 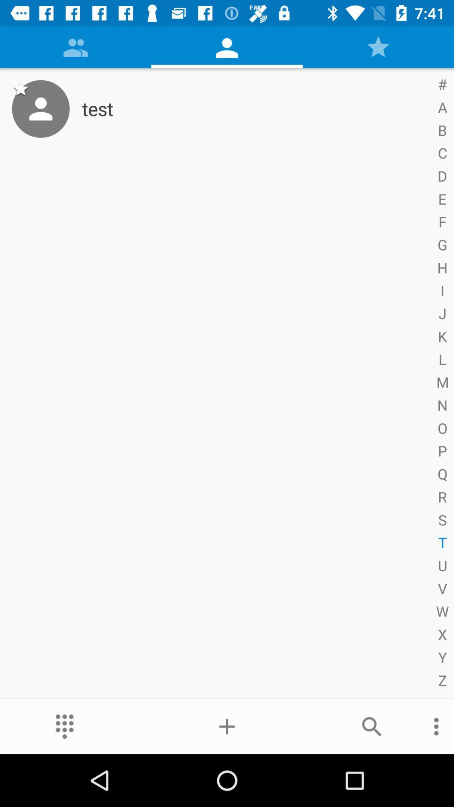 I want to click on icon to the left of test item, so click(x=41, y=108).